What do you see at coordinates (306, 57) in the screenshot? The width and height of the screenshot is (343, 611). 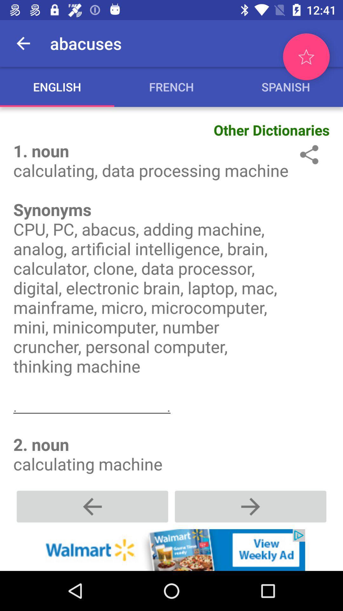 I see `star button` at bounding box center [306, 57].